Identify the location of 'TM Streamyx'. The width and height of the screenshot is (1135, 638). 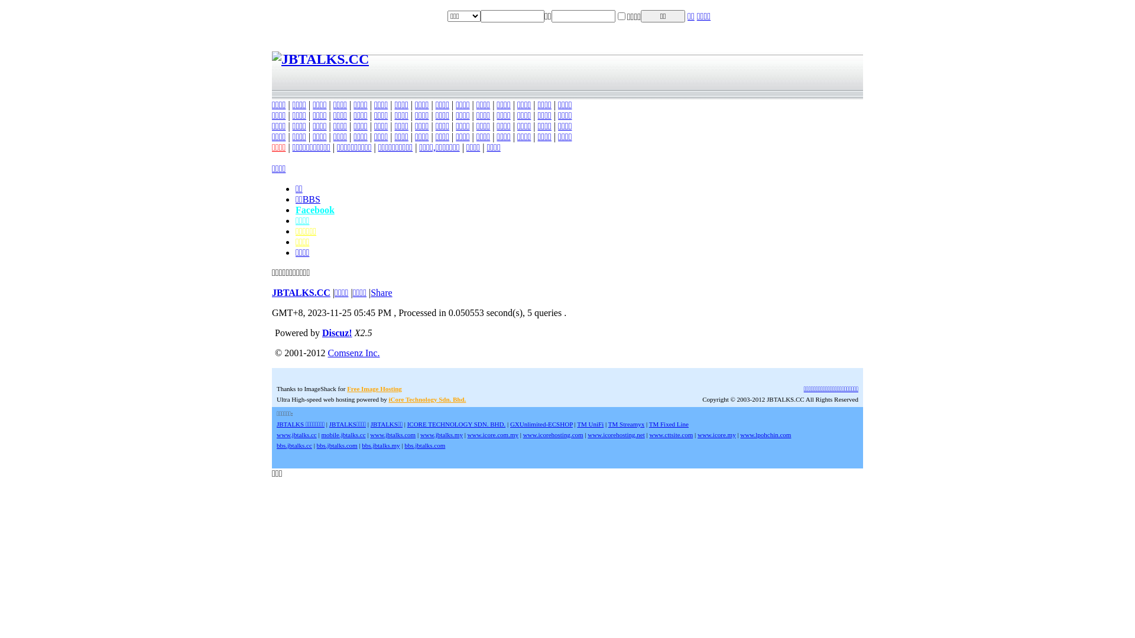
(625, 423).